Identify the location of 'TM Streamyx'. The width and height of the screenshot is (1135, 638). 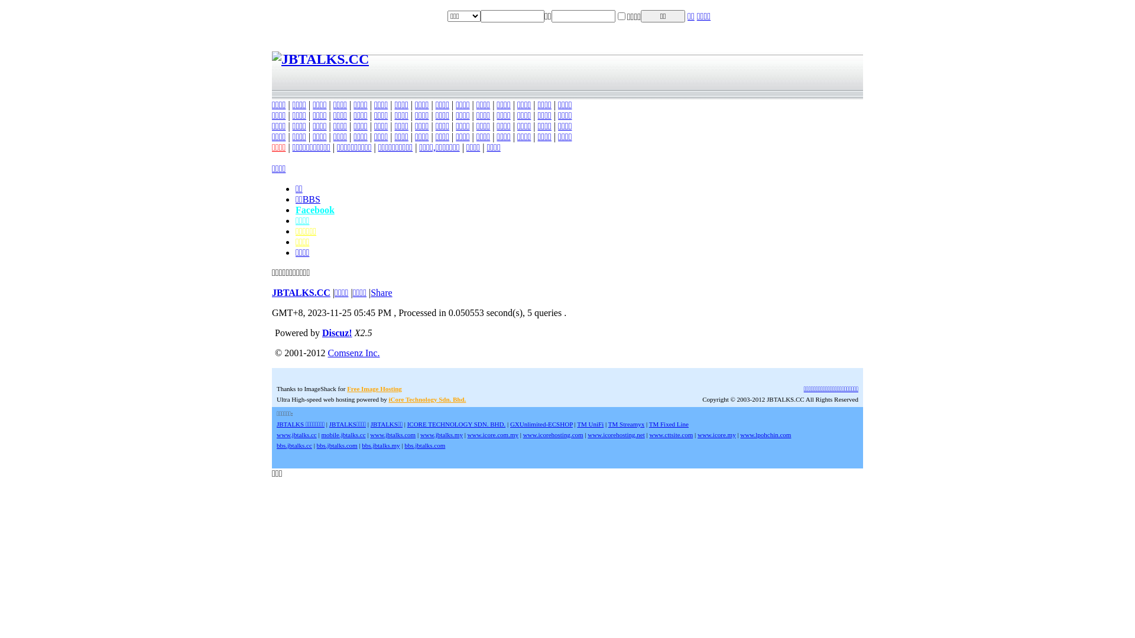
(625, 423).